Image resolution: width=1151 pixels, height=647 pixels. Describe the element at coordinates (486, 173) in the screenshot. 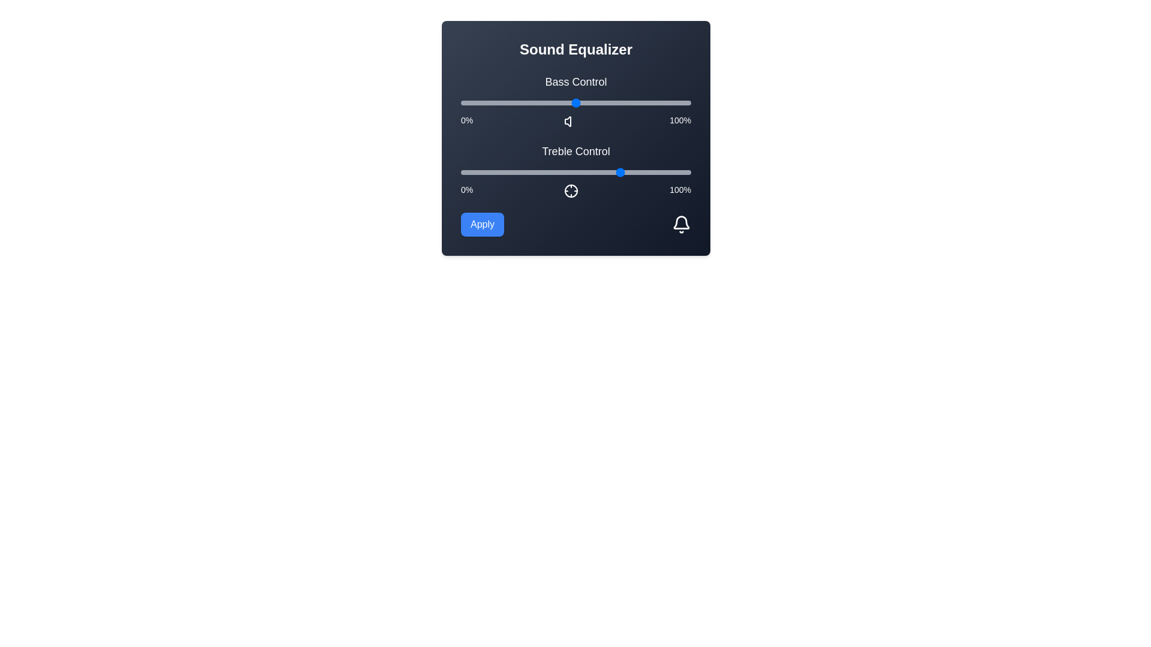

I see `the treble slider to 11%` at that location.